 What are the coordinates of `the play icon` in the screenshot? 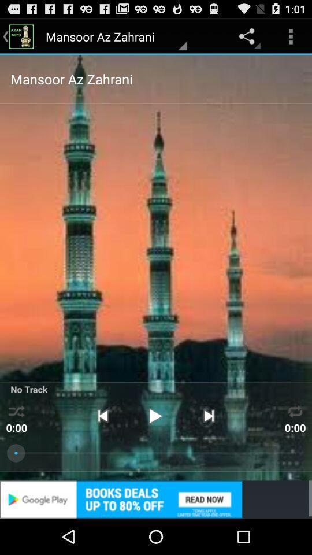 It's located at (155, 444).